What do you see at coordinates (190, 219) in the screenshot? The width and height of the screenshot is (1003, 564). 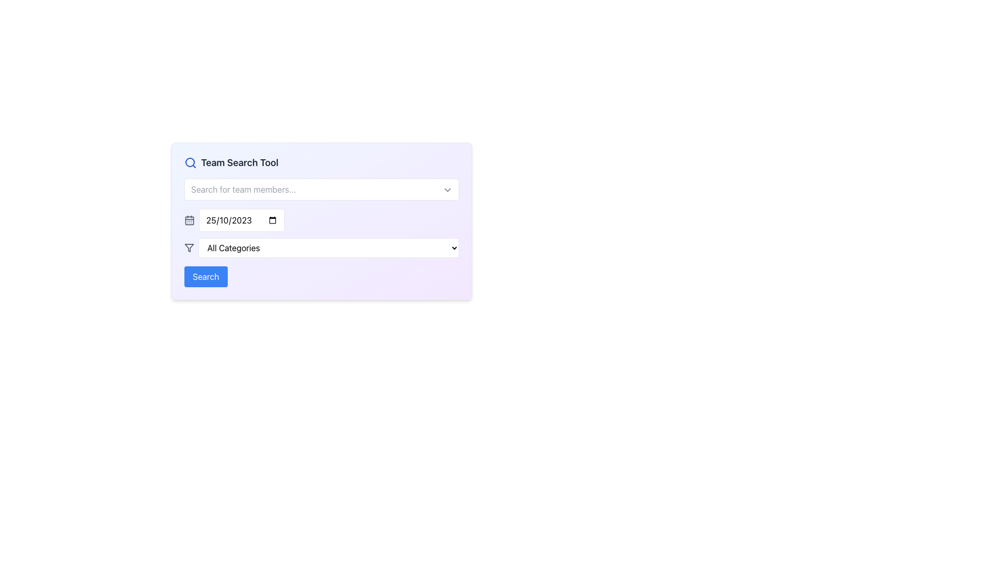 I see `the SVG-based calendar icon, which is a square icon with dimensions of 20x20 pixels, located just to the left of a date input field` at bounding box center [190, 219].